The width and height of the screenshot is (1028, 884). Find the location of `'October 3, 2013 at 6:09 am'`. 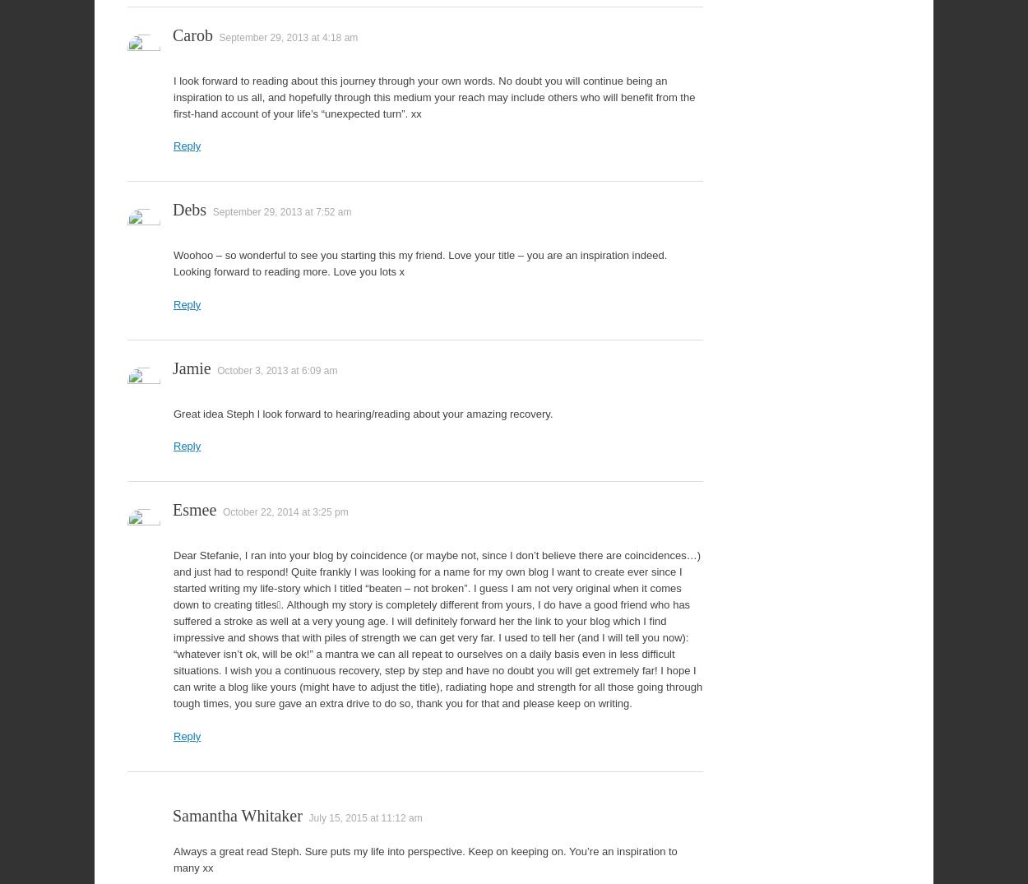

'October 3, 2013 at 6:09 am' is located at coordinates (276, 369).